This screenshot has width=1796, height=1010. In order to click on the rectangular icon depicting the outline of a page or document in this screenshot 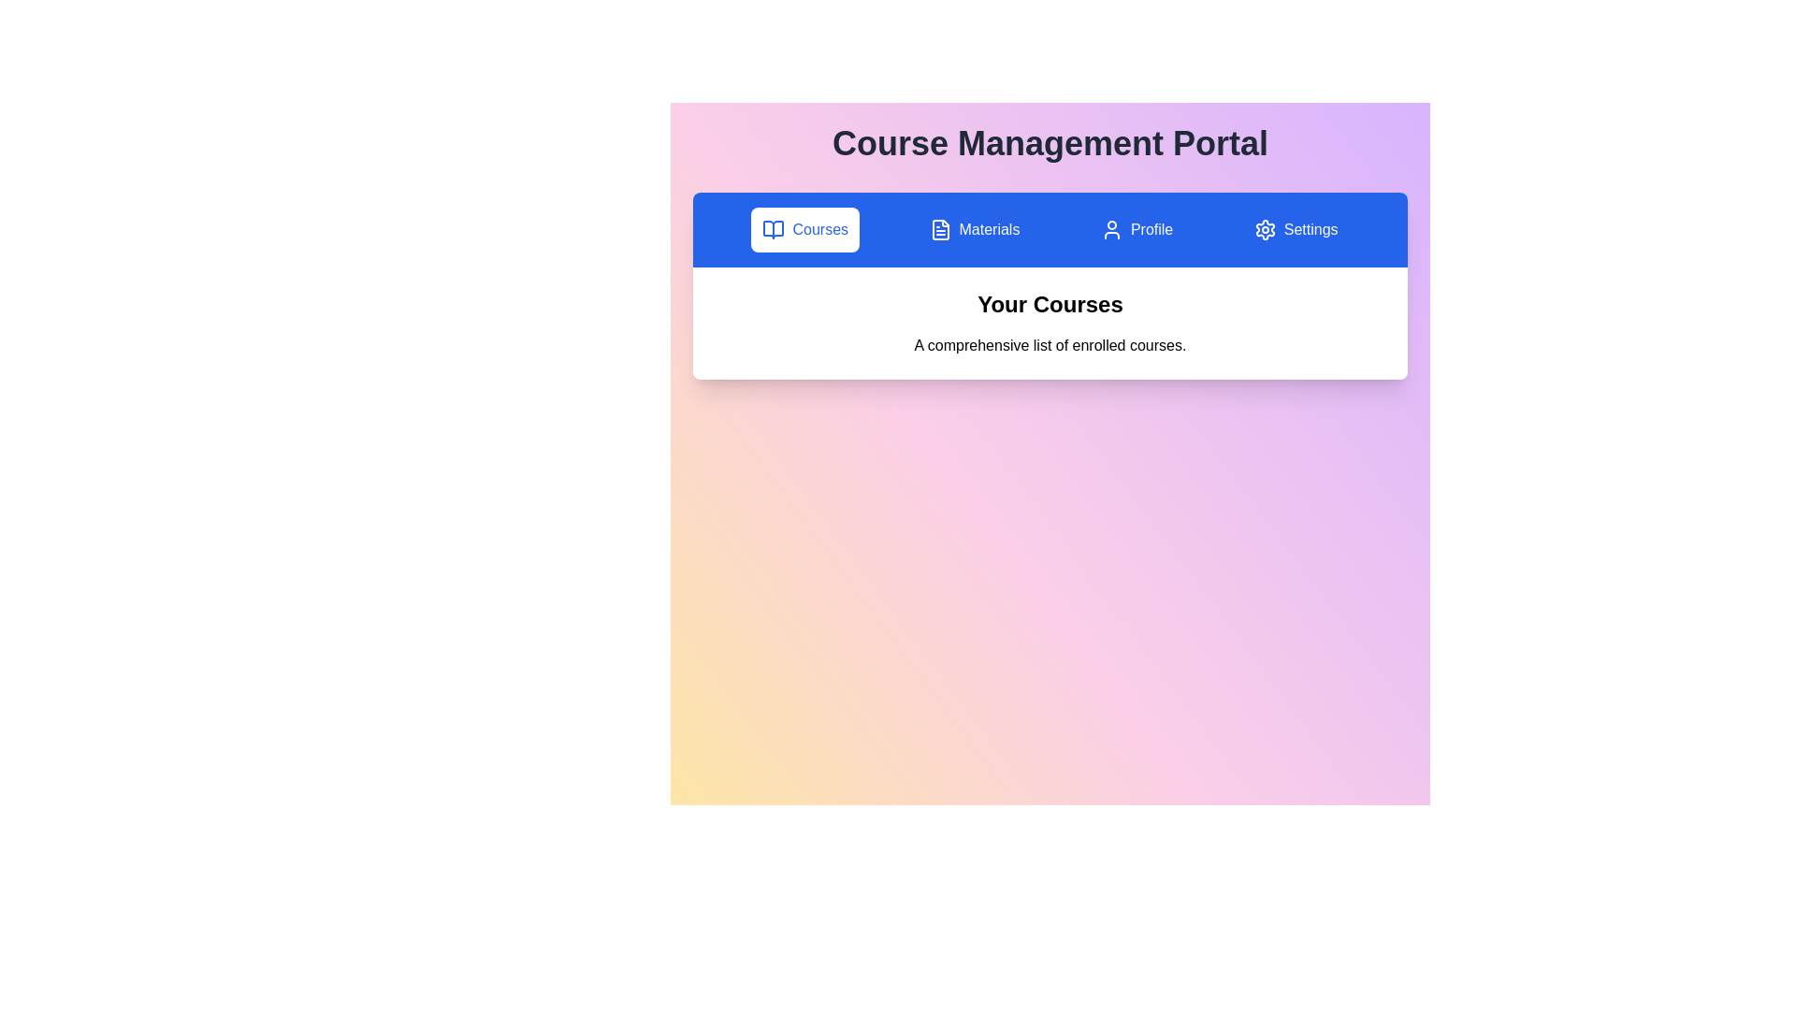, I will do `click(940, 229)`.